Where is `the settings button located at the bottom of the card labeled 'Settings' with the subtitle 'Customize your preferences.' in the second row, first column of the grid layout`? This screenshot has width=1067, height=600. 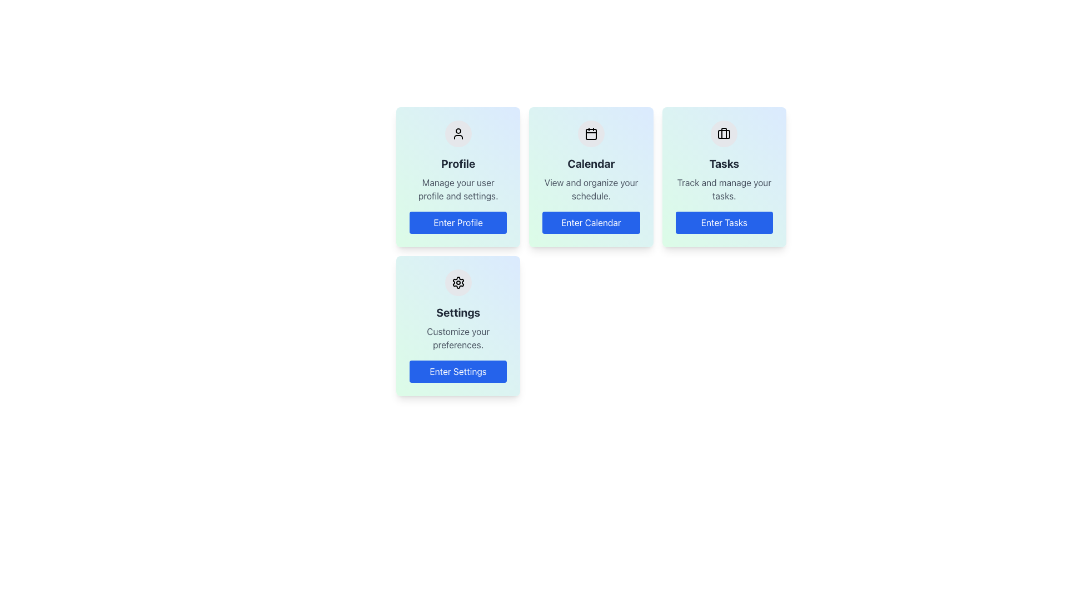 the settings button located at the bottom of the card labeled 'Settings' with the subtitle 'Customize your preferences.' in the second row, first column of the grid layout is located at coordinates (458, 371).